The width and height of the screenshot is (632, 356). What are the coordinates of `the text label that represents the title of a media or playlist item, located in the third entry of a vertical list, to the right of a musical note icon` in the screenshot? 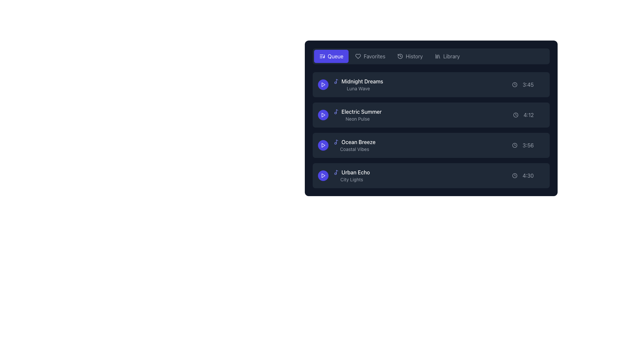 It's located at (358, 142).